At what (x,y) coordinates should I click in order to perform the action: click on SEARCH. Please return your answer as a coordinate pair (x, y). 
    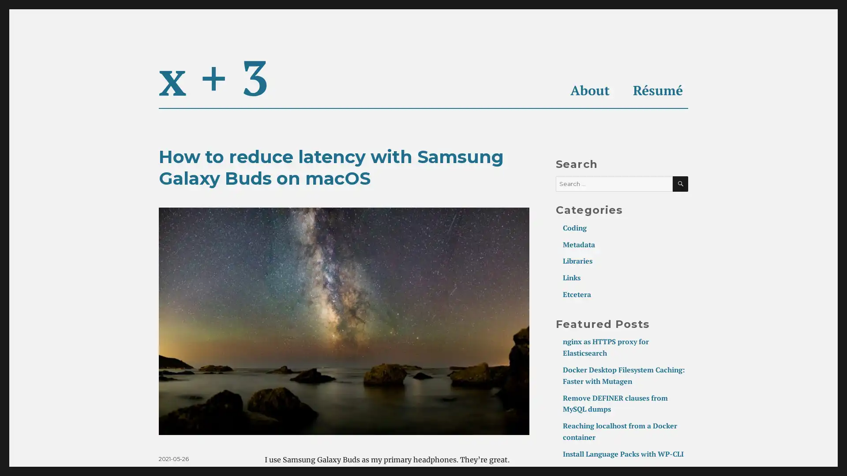
    Looking at the image, I should click on (680, 183).